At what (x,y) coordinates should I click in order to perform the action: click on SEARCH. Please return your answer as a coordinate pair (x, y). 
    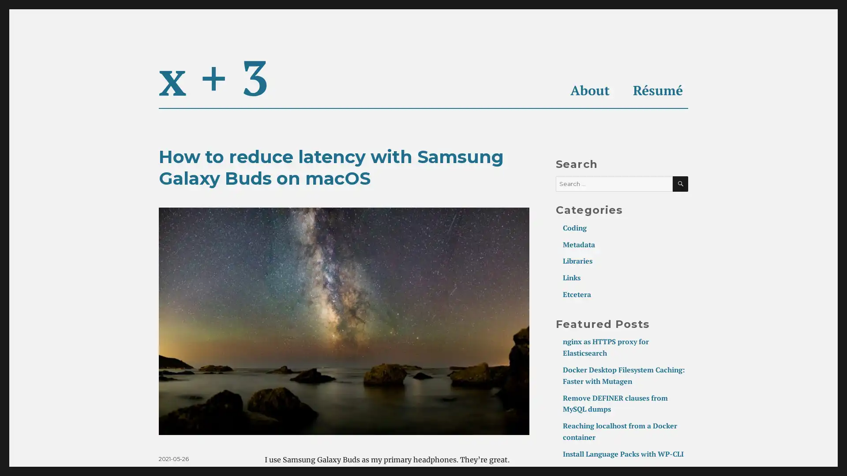
    Looking at the image, I should click on (680, 183).